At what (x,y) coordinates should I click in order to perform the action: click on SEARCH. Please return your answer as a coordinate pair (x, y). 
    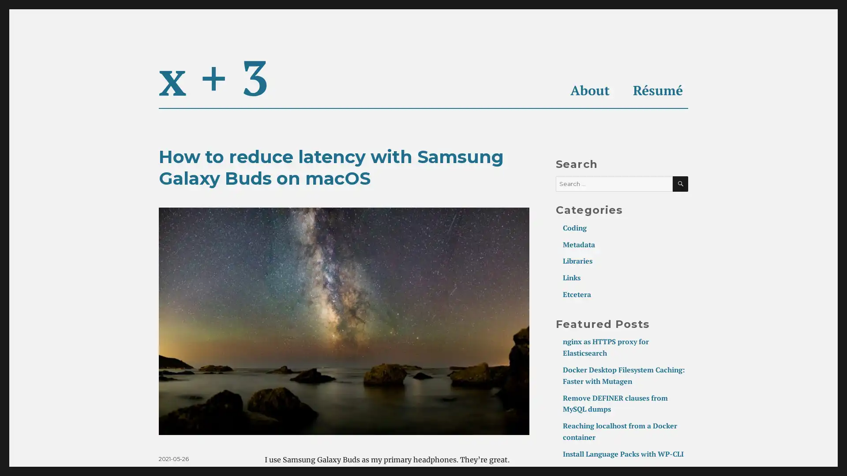
    Looking at the image, I should click on (680, 183).